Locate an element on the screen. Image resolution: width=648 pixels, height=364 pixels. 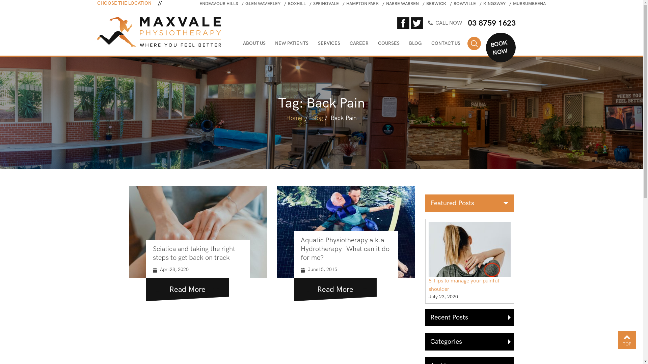
'BLOG' is located at coordinates (415, 44).